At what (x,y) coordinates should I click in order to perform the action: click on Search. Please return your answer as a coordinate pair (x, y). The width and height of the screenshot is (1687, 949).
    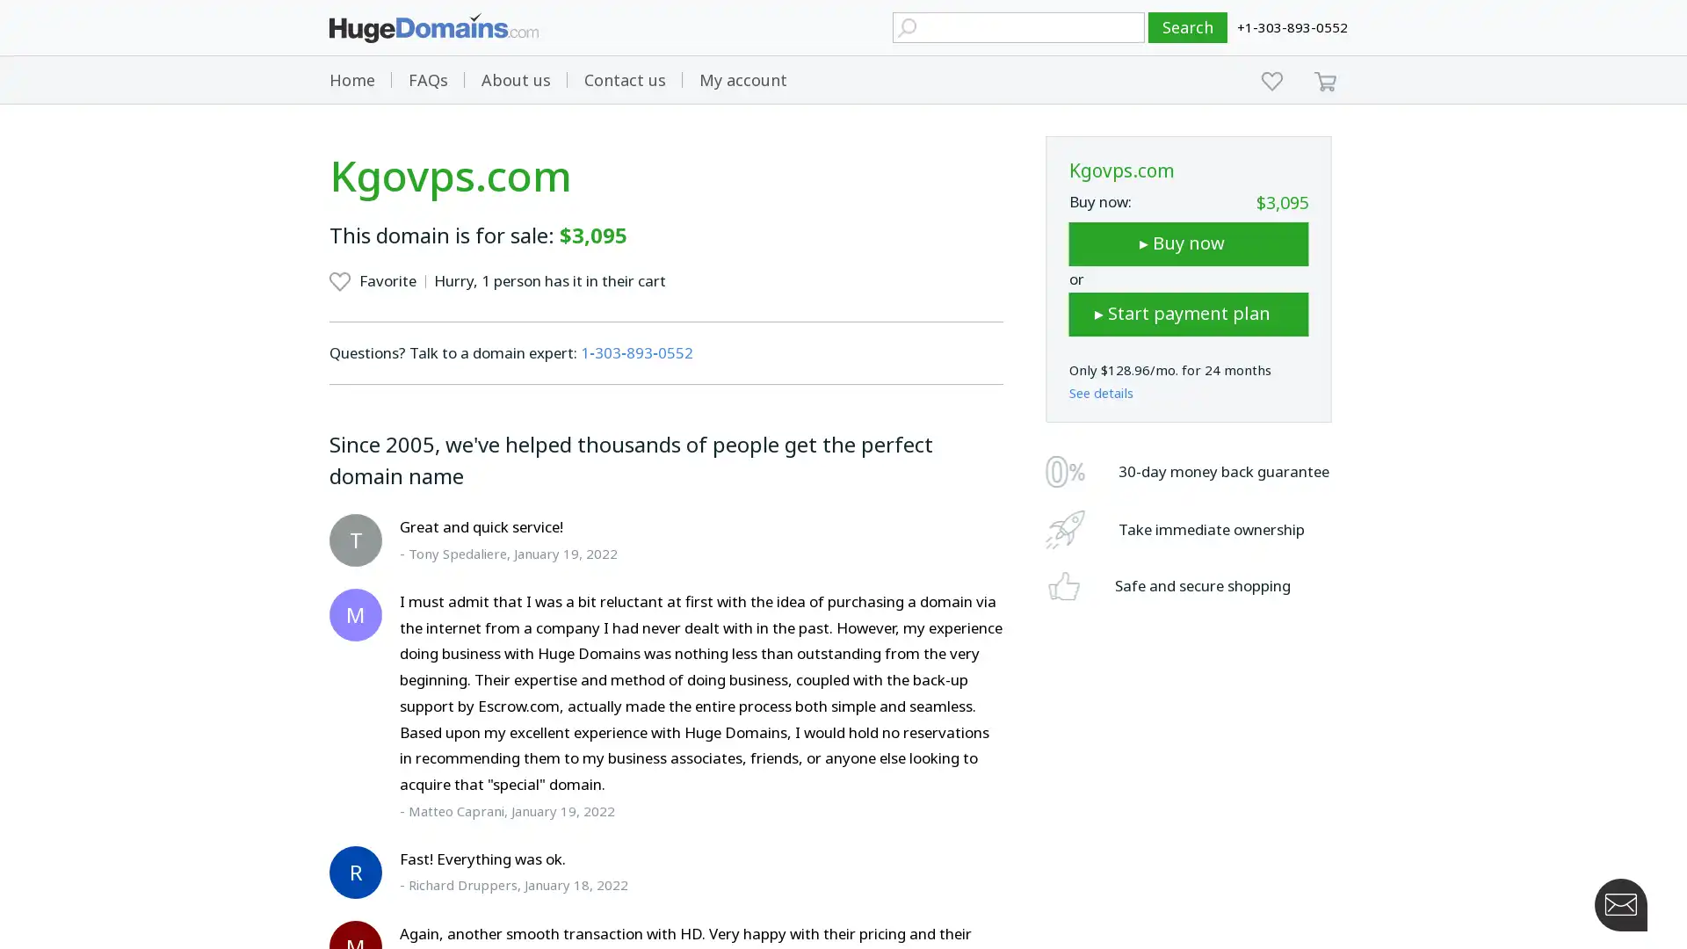
    Looking at the image, I should click on (1188, 27).